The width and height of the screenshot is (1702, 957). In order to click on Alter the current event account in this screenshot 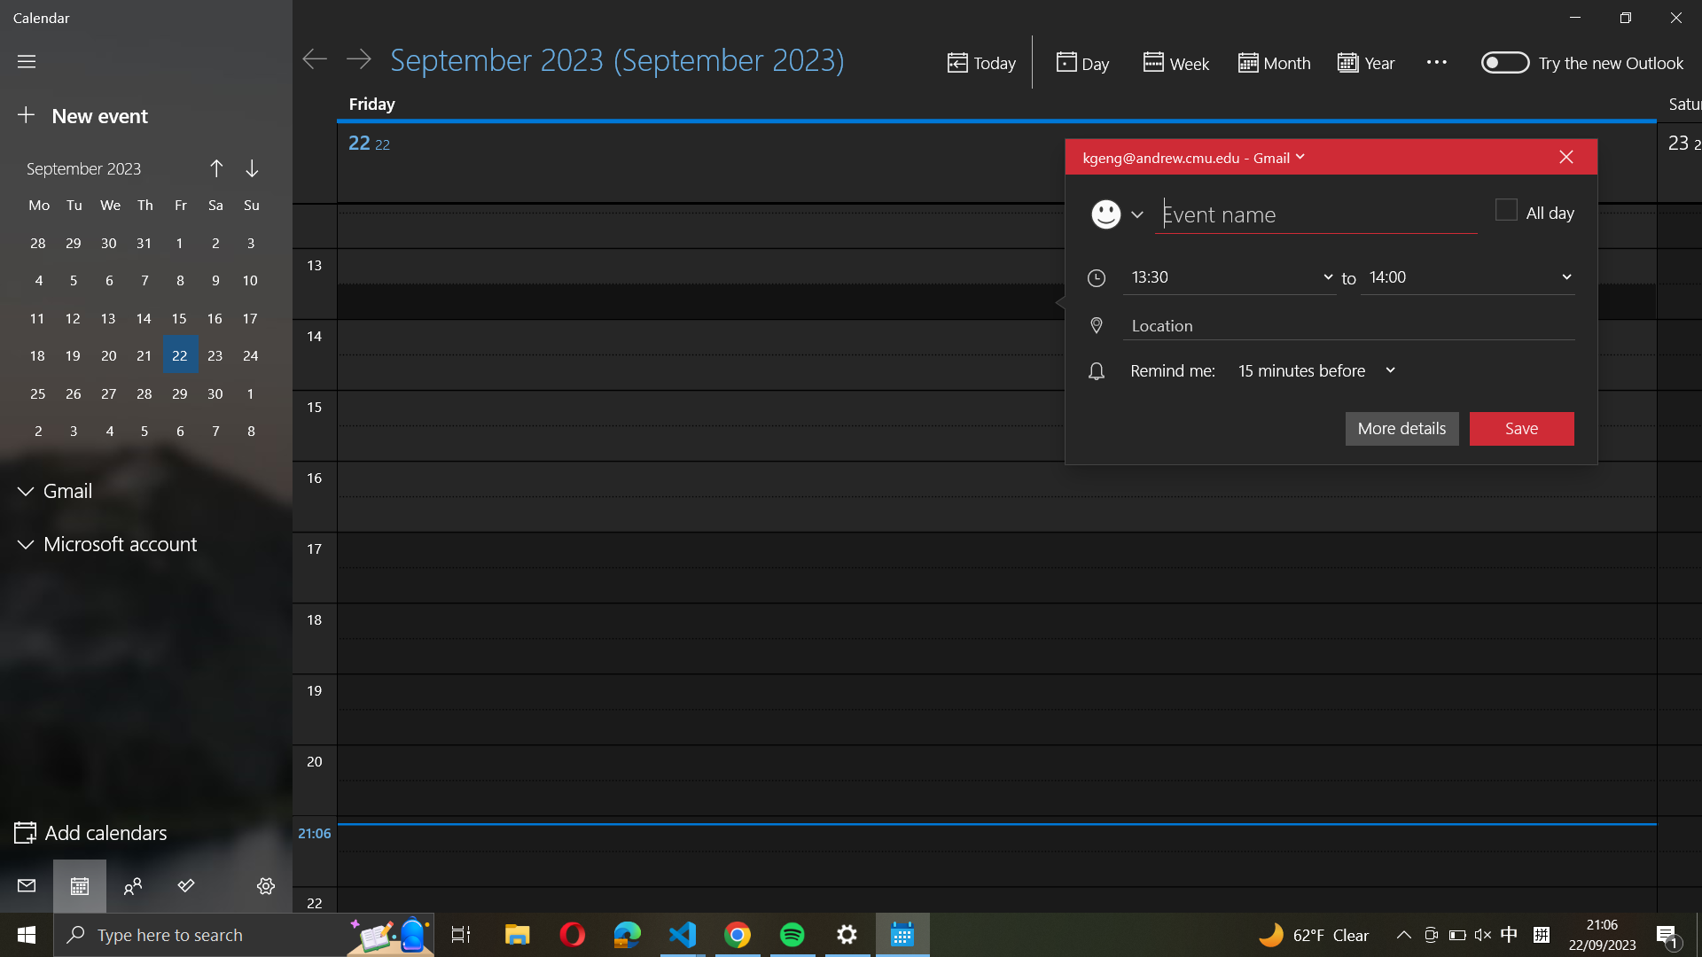, I will do `click(1191, 156)`.